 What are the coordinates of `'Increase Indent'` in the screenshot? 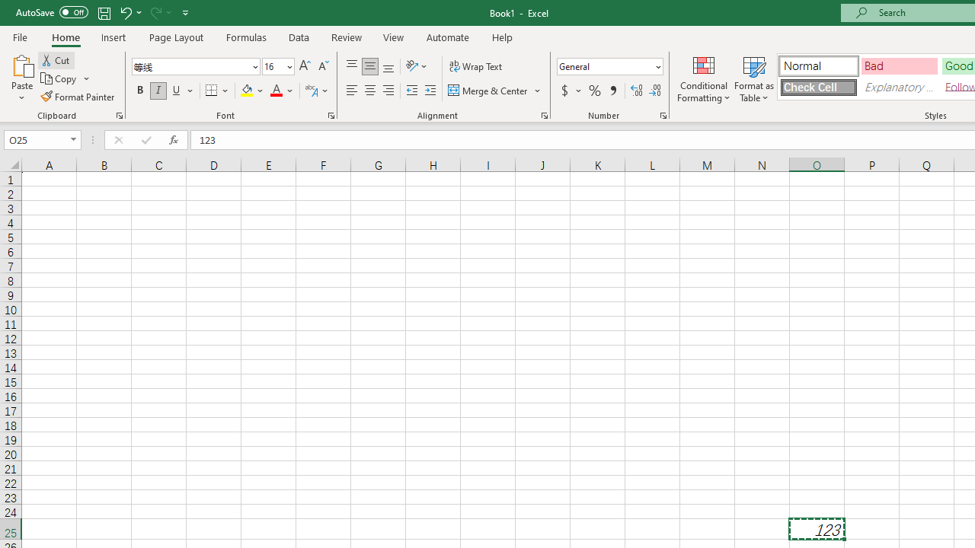 It's located at (430, 91).